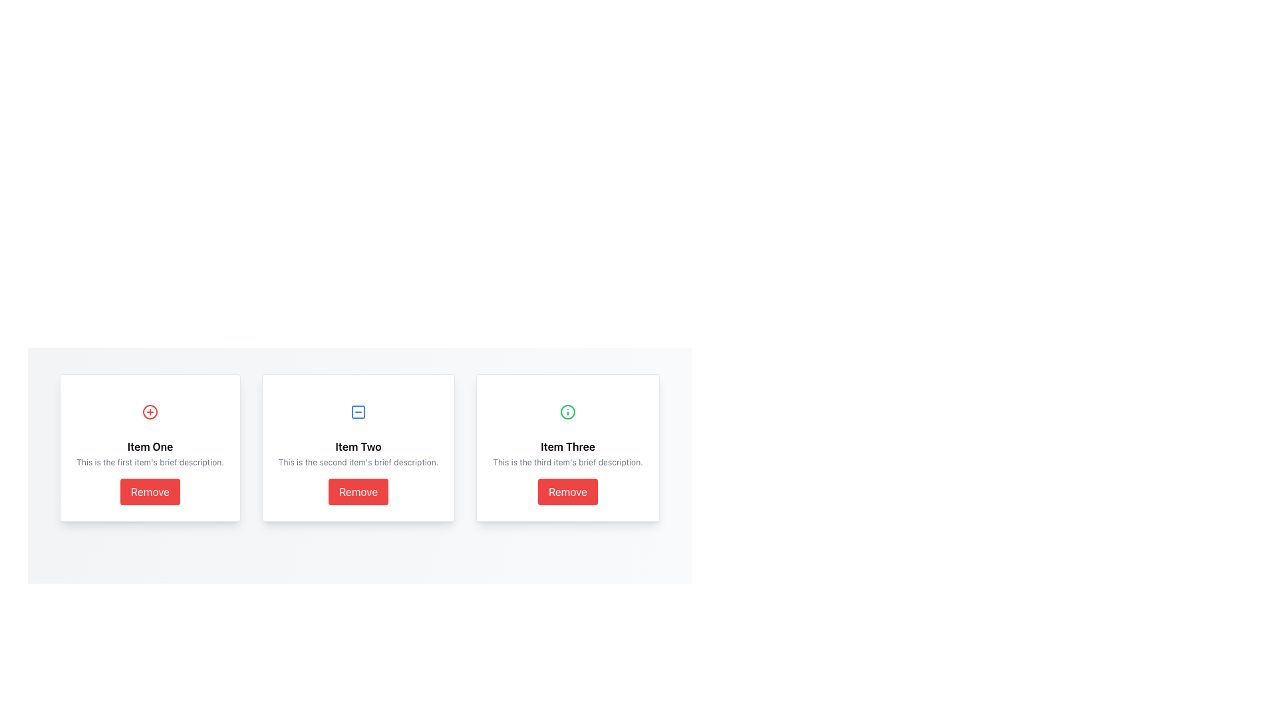 Image resolution: width=1277 pixels, height=718 pixels. Describe the element at coordinates (150, 412) in the screenshot. I see `the emblem icon located at the top portion of the 'Item One' card, which indicates addition or a positive action` at that location.